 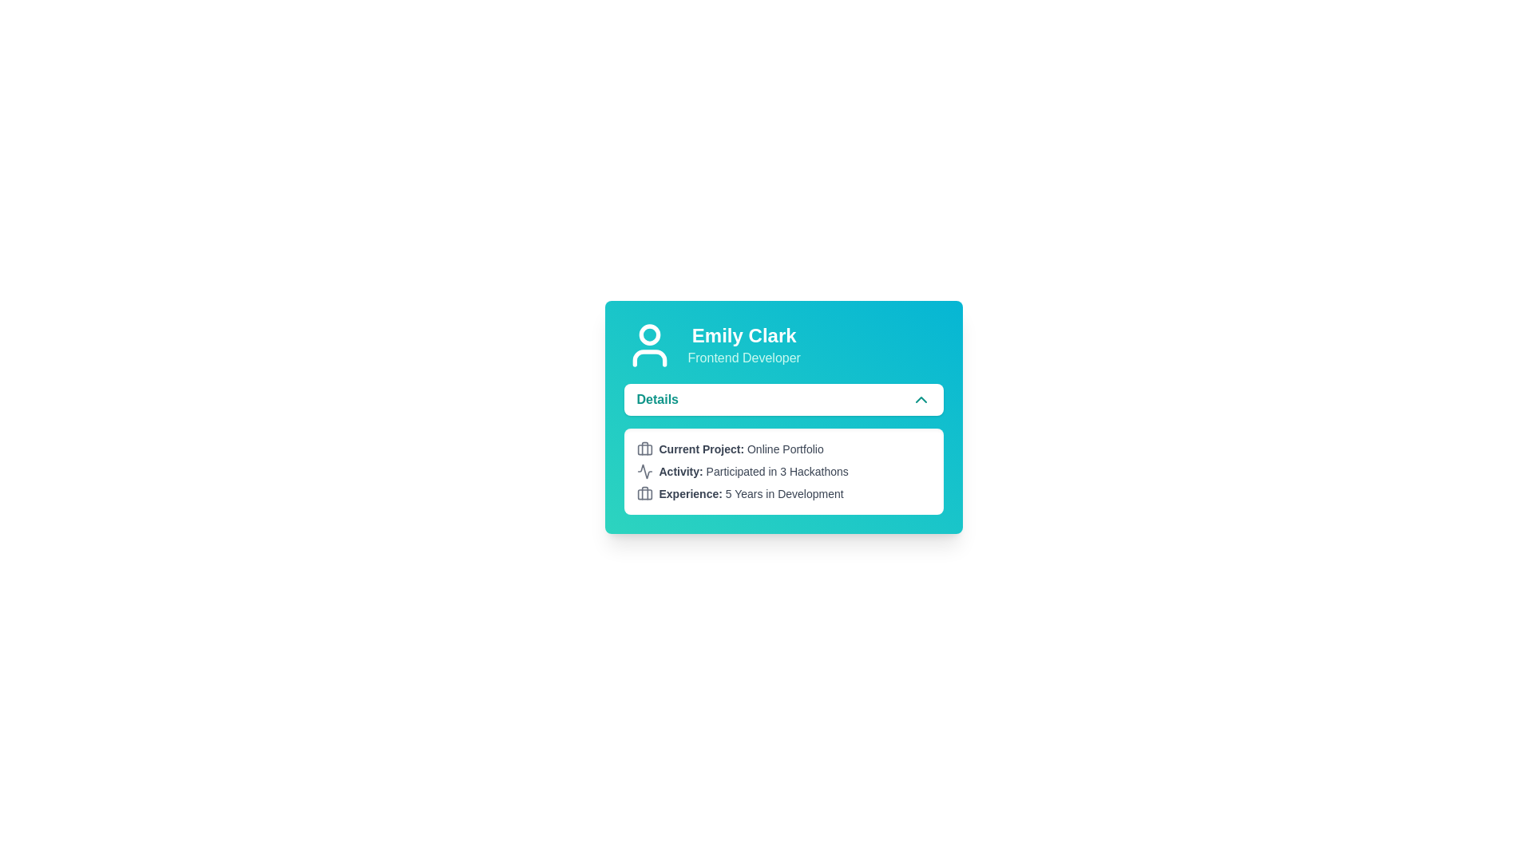 I want to click on the text label indicating the professional role or title below 'Emily Clark' in the top-right of the card interface, so click(x=743, y=357).